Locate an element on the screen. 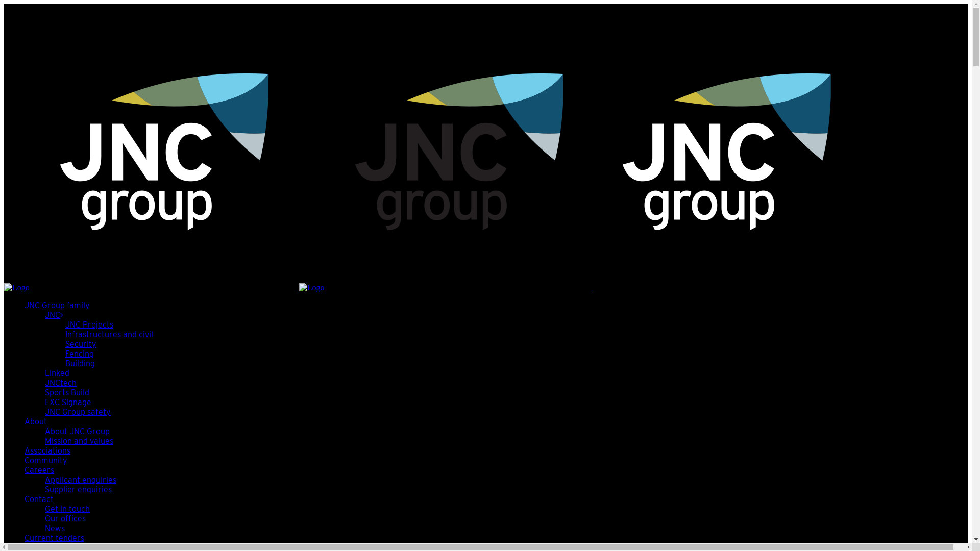 The height and width of the screenshot is (551, 980). 'Current tenders' is located at coordinates (54, 537).